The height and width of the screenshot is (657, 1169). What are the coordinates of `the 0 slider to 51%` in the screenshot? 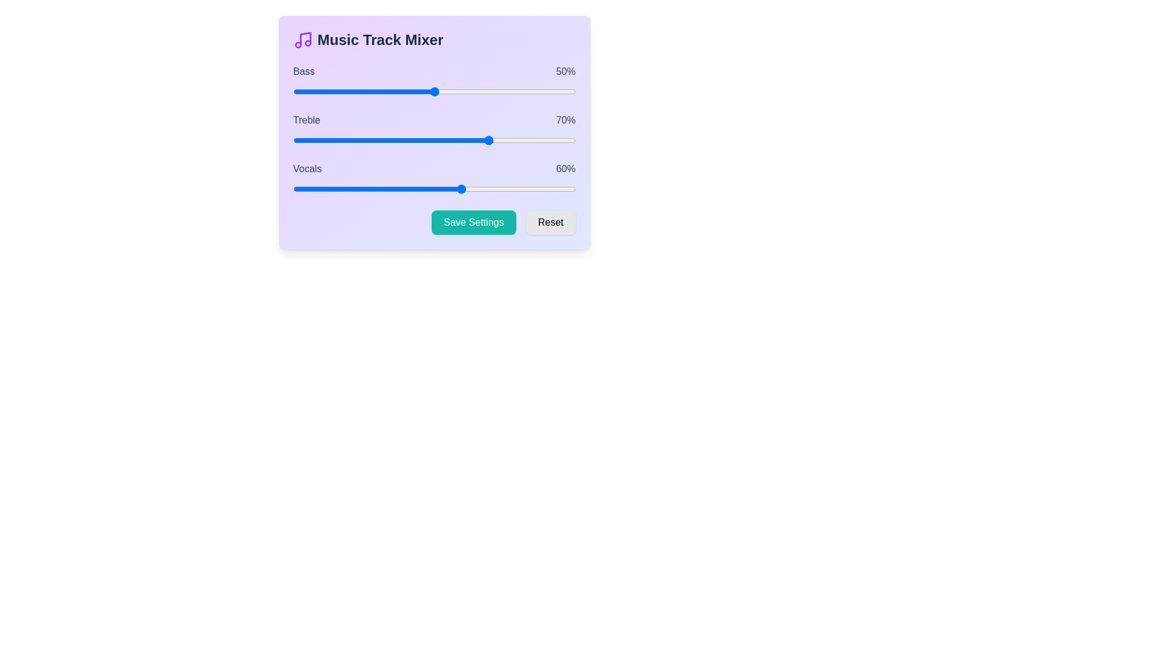 It's located at (437, 91).